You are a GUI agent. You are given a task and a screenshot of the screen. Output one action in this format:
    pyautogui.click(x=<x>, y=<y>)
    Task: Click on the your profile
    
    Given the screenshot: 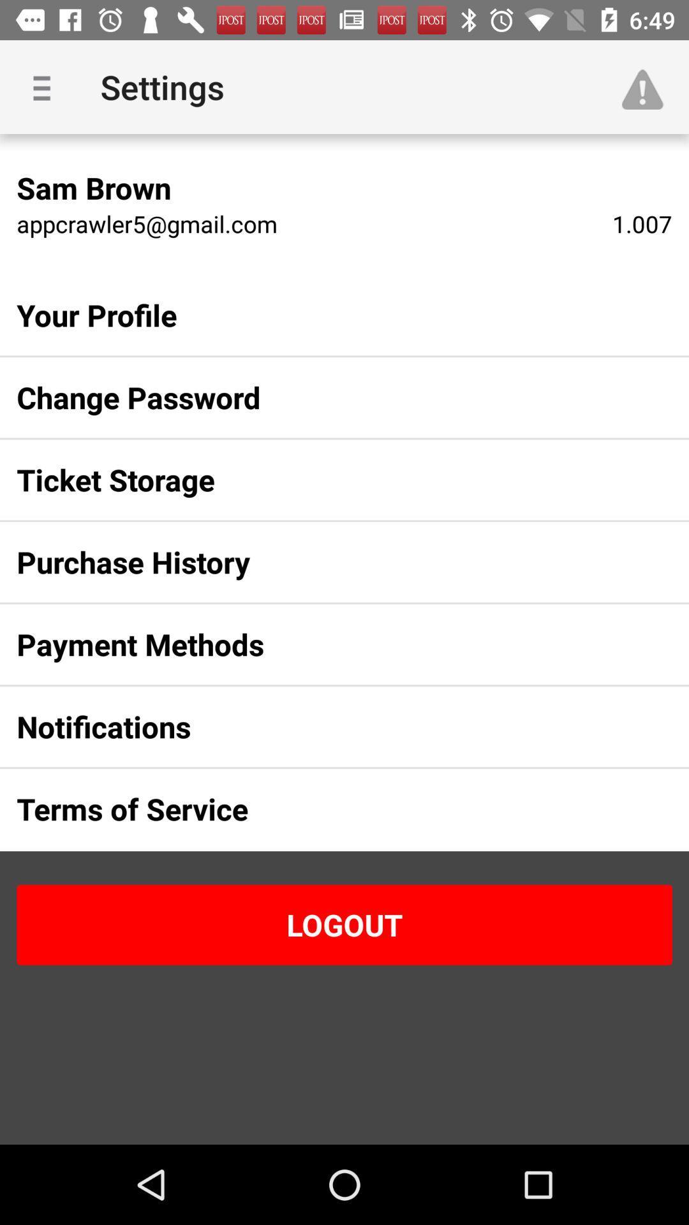 What is the action you would take?
    pyautogui.click(x=323, y=315)
    